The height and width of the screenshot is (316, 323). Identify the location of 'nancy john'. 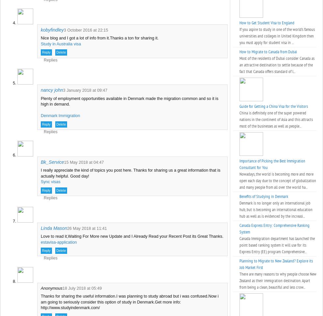
(51, 90).